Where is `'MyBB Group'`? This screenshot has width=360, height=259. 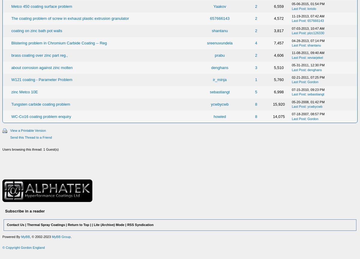
'MyBB Group' is located at coordinates (61, 236).